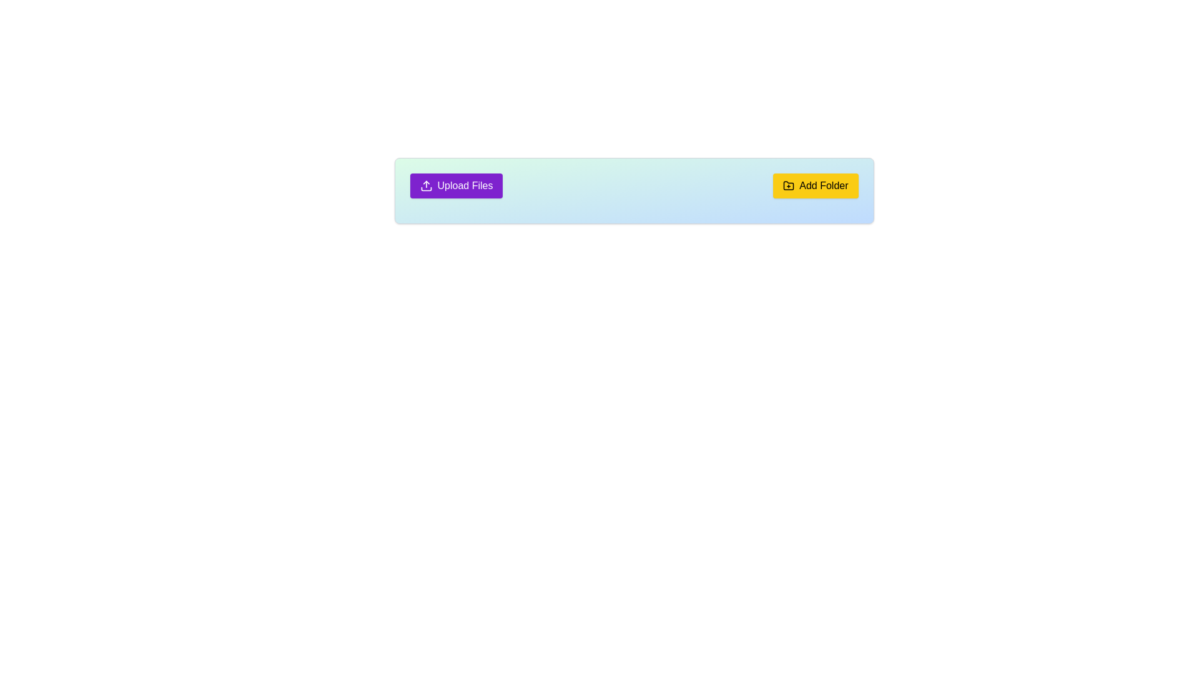 This screenshot has width=1199, height=674. What do you see at coordinates (788, 185) in the screenshot?
I see `the small folder icon with an addition symbol, located inside the yellow 'Add Folder' button on the right side of the colorful panel` at bounding box center [788, 185].